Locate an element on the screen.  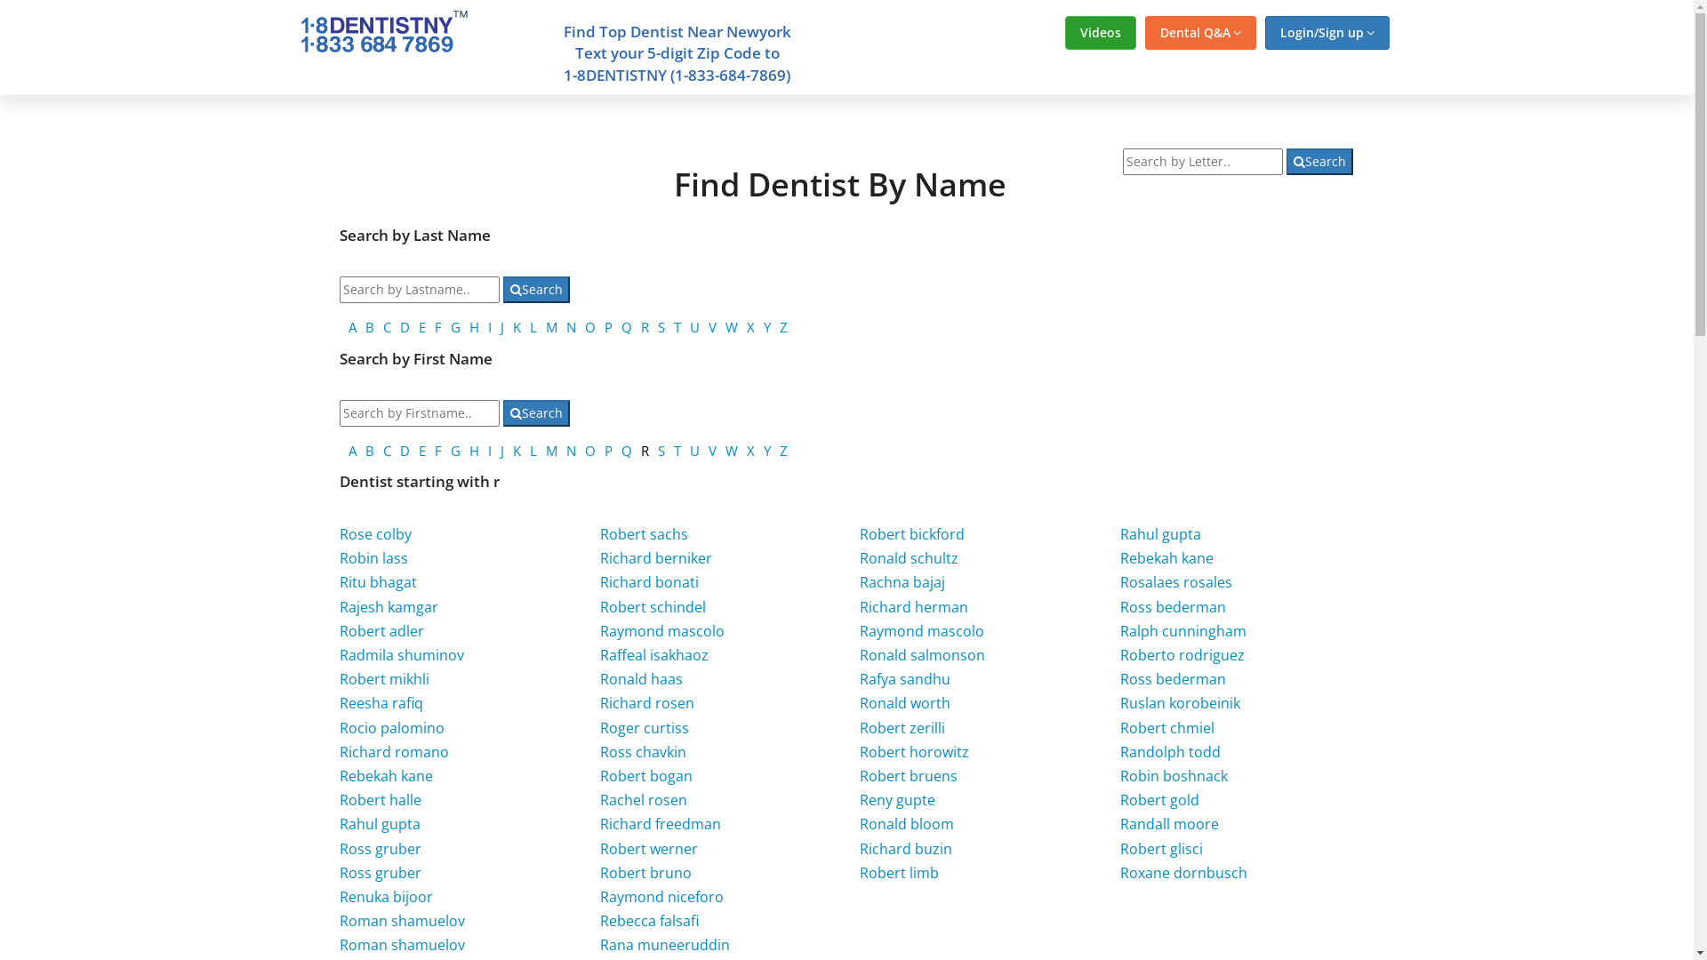
'N' is located at coordinates (565, 326).